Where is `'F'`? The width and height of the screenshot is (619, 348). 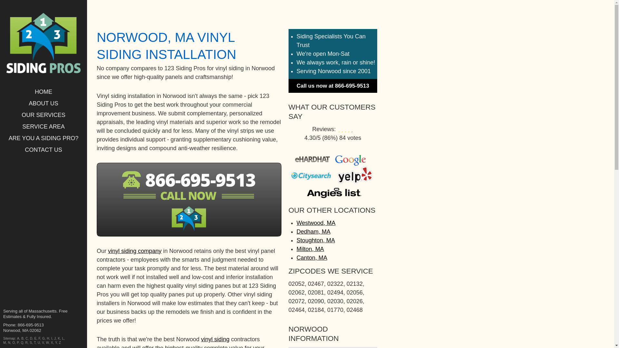
'F' is located at coordinates (39, 338).